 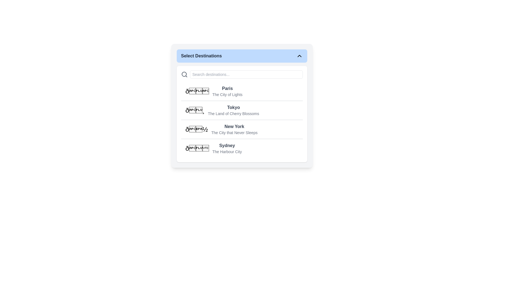 What do you see at coordinates (234, 133) in the screenshot?
I see `the text label that provides additional context or information about the destination 'New York', located directly below the title 'New York'` at bounding box center [234, 133].